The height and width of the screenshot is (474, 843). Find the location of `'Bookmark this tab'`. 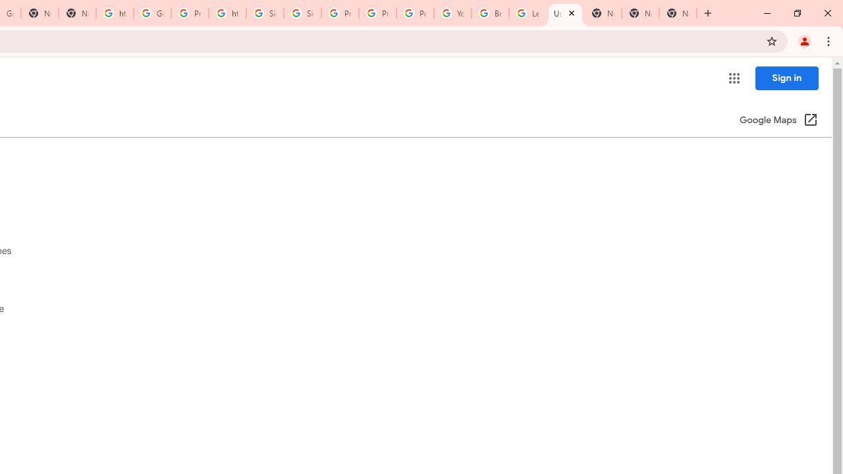

'Bookmark this tab' is located at coordinates (771, 40).